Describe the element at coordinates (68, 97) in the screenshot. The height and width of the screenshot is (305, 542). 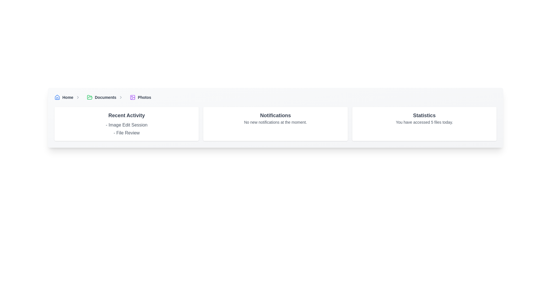
I see `the 'Home' text label, which is a bold, smaller-sized label located in the navigation bar, immediately to the right of the house icon` at that location.